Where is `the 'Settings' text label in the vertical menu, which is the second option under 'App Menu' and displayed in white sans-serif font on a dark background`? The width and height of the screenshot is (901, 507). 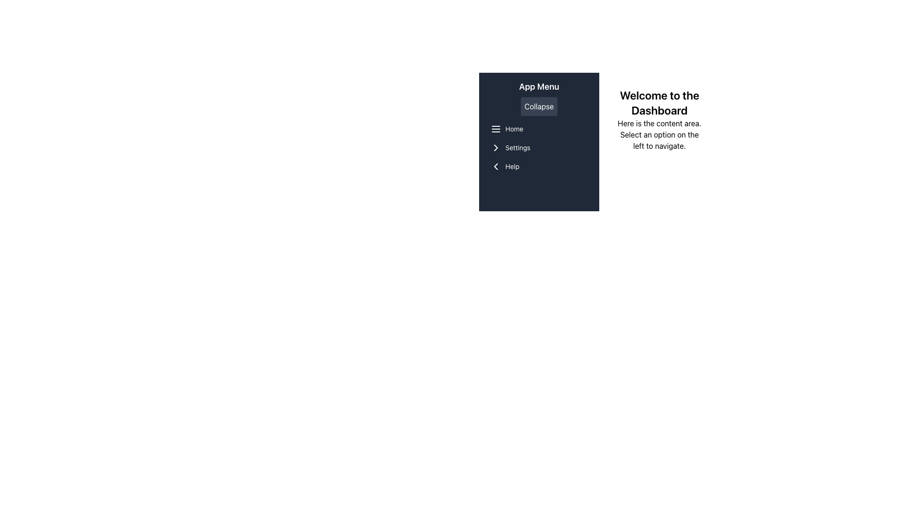
the 'Settings' text label in the vertical menu, which is the second option under 'App Menu' and displayed in white sans-serif font on a dark background is located at coordinates (517, 148).